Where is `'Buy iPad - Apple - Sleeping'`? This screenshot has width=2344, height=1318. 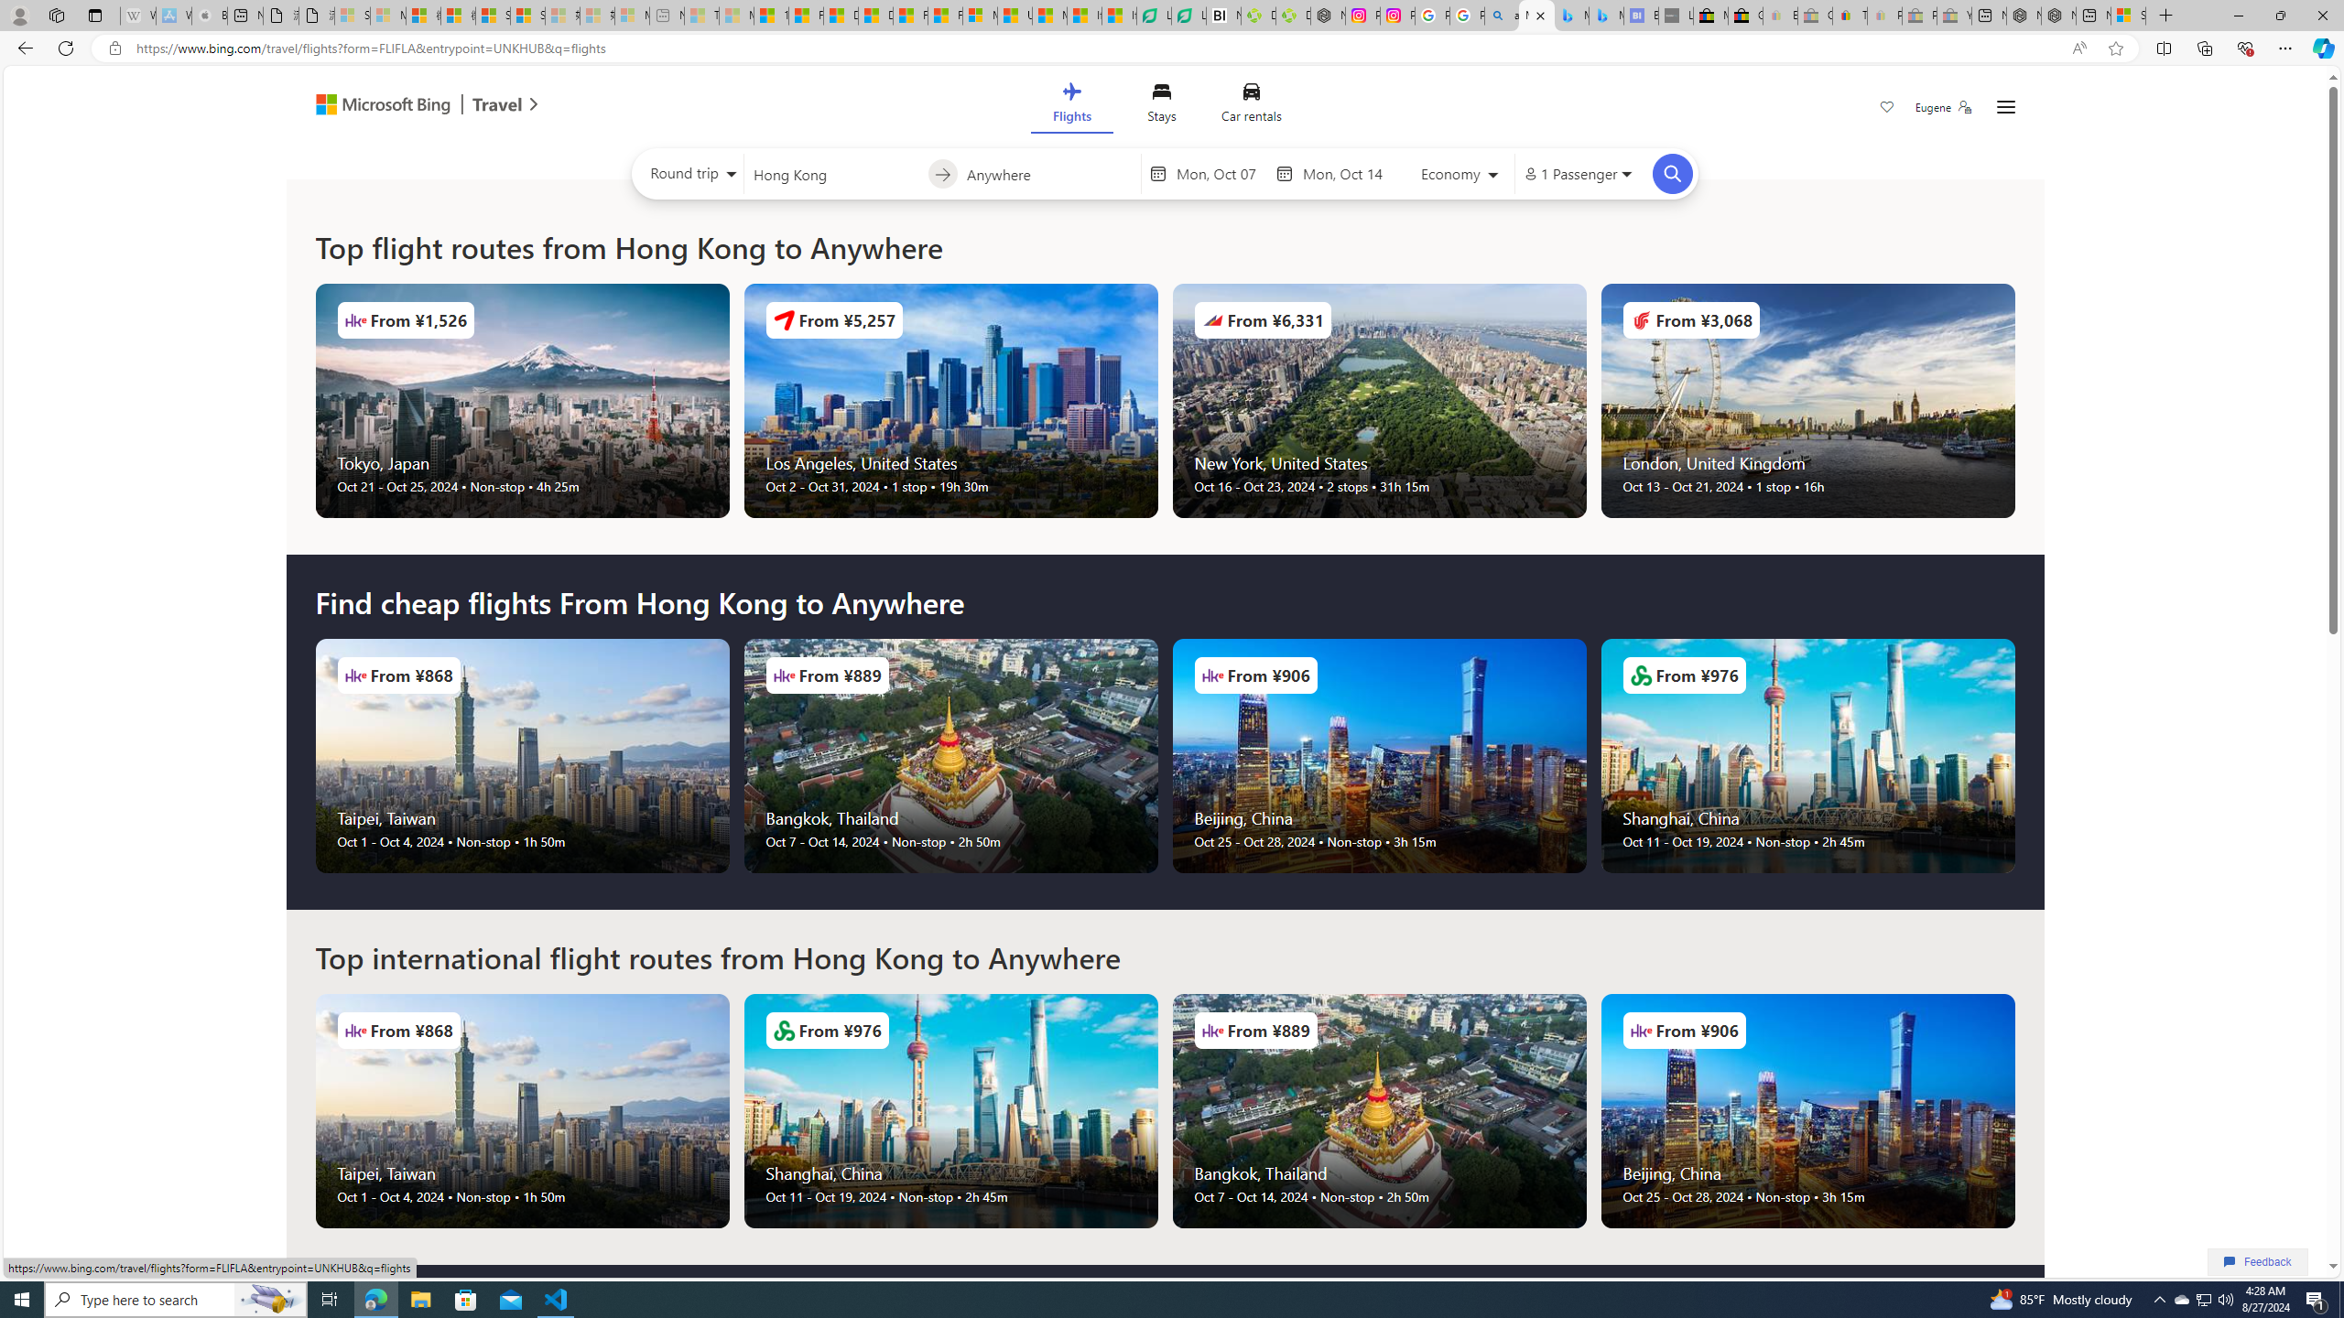
'Buy iPad - Apple - Sleeping' is located at coordinates (209, 15).